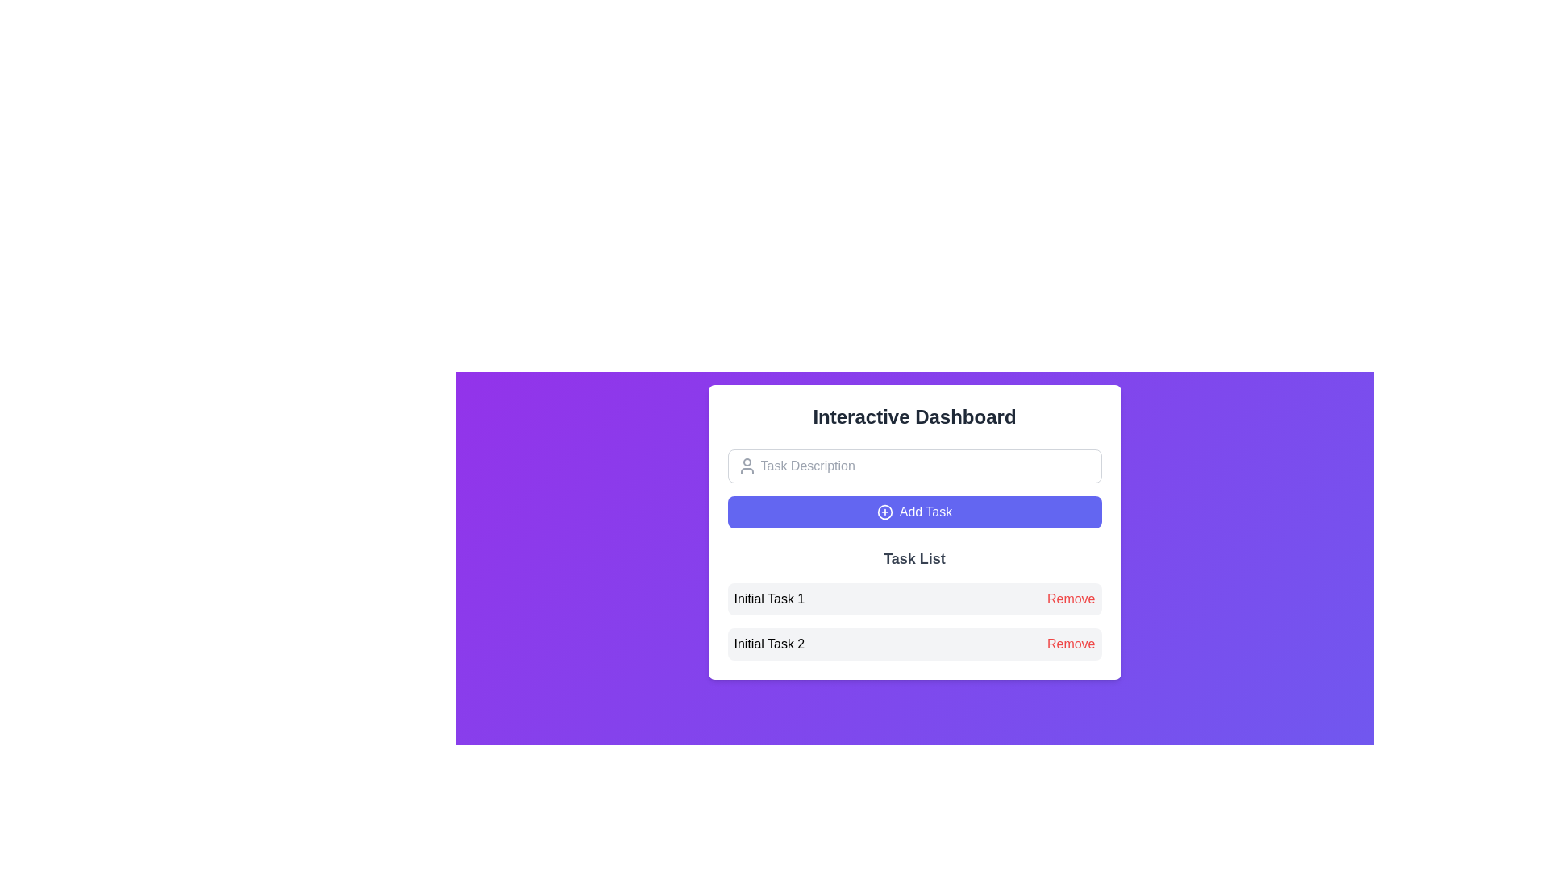 This screenshot has height=870, width=1548. What do you see at coordinates (914, 558) in the screenshot?
I see `the static text or label that serves as the header for the section, located centrally within a vertical stack of elements on a white rectangular card, immediately below the 'Add Task' button` at bounding box center [914, 558].